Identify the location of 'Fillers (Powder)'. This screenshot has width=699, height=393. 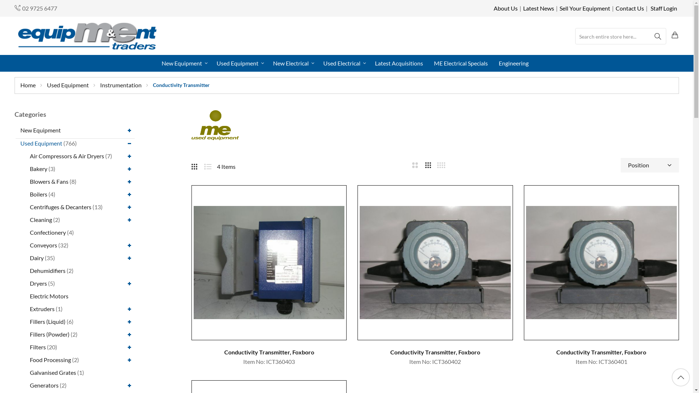
(49, 334).